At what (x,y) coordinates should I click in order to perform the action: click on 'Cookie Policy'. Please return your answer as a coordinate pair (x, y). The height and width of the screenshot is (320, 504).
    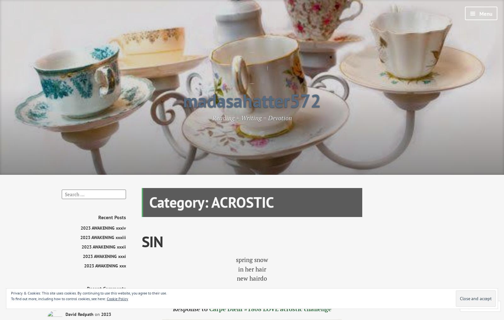
    Looking at the image, I should click on (117, 298).